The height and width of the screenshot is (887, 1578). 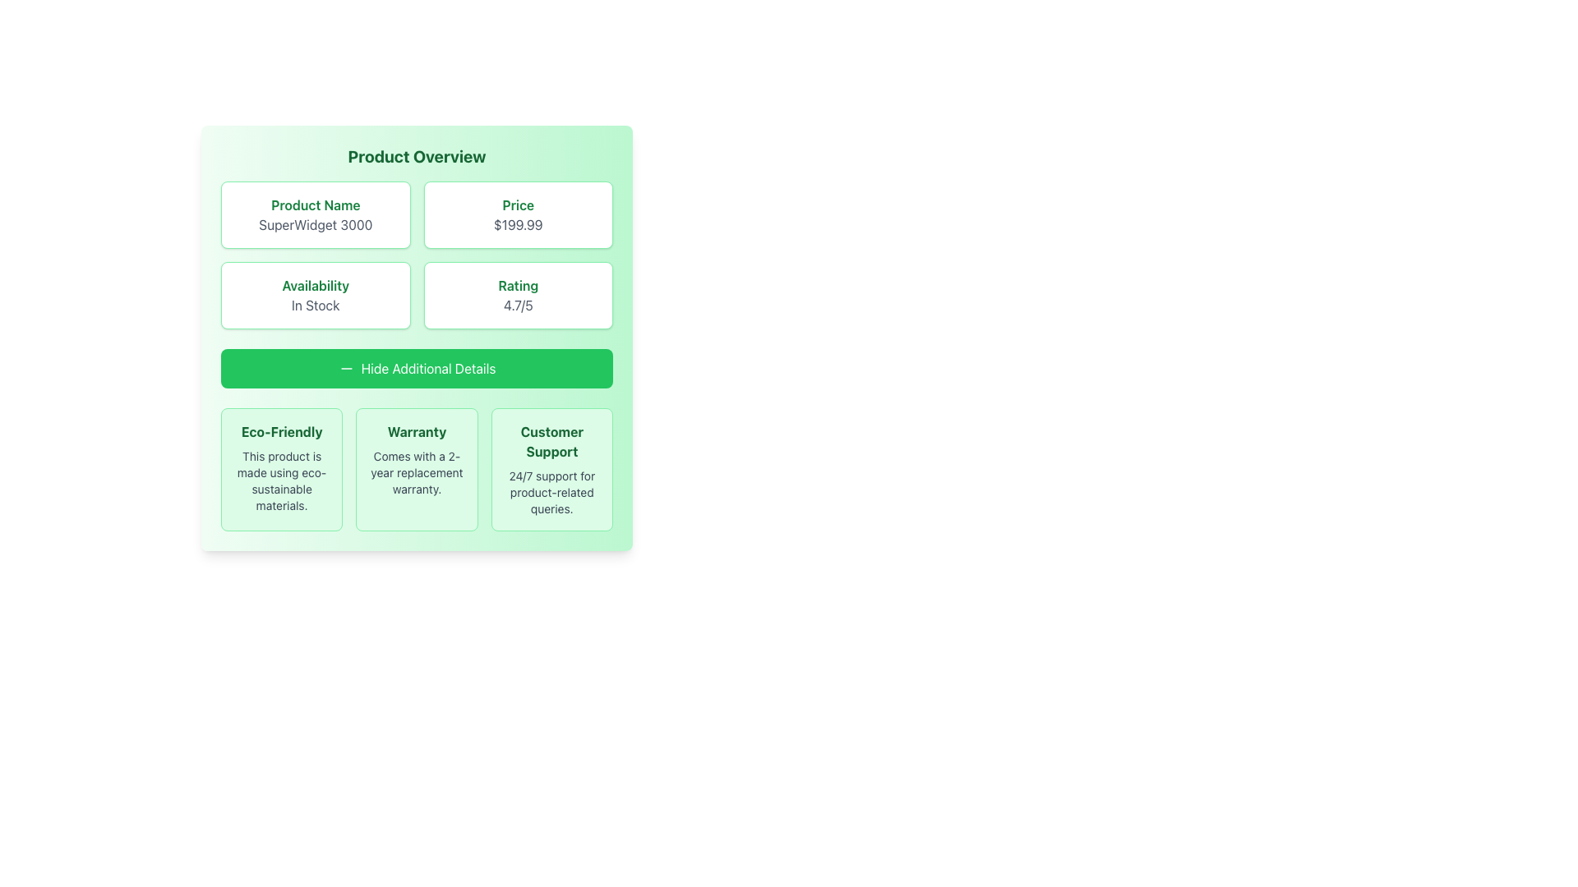 What do you see at coordinates (417, 472) in the screenshot?
I see `the warranty details text display, which informs the user about the 2-year replacement warranty and is located in the bottom-middle area of the interface` at bounding box center [417, 472].